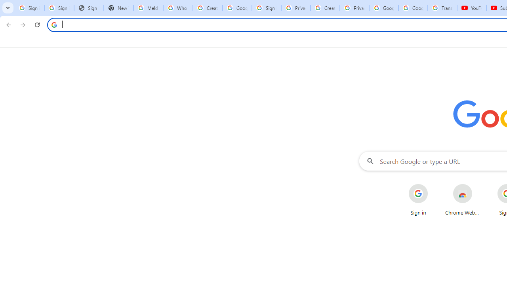 This screenshot has height=285, width=507. I want to click on 'New Tab', so click(118, 8).